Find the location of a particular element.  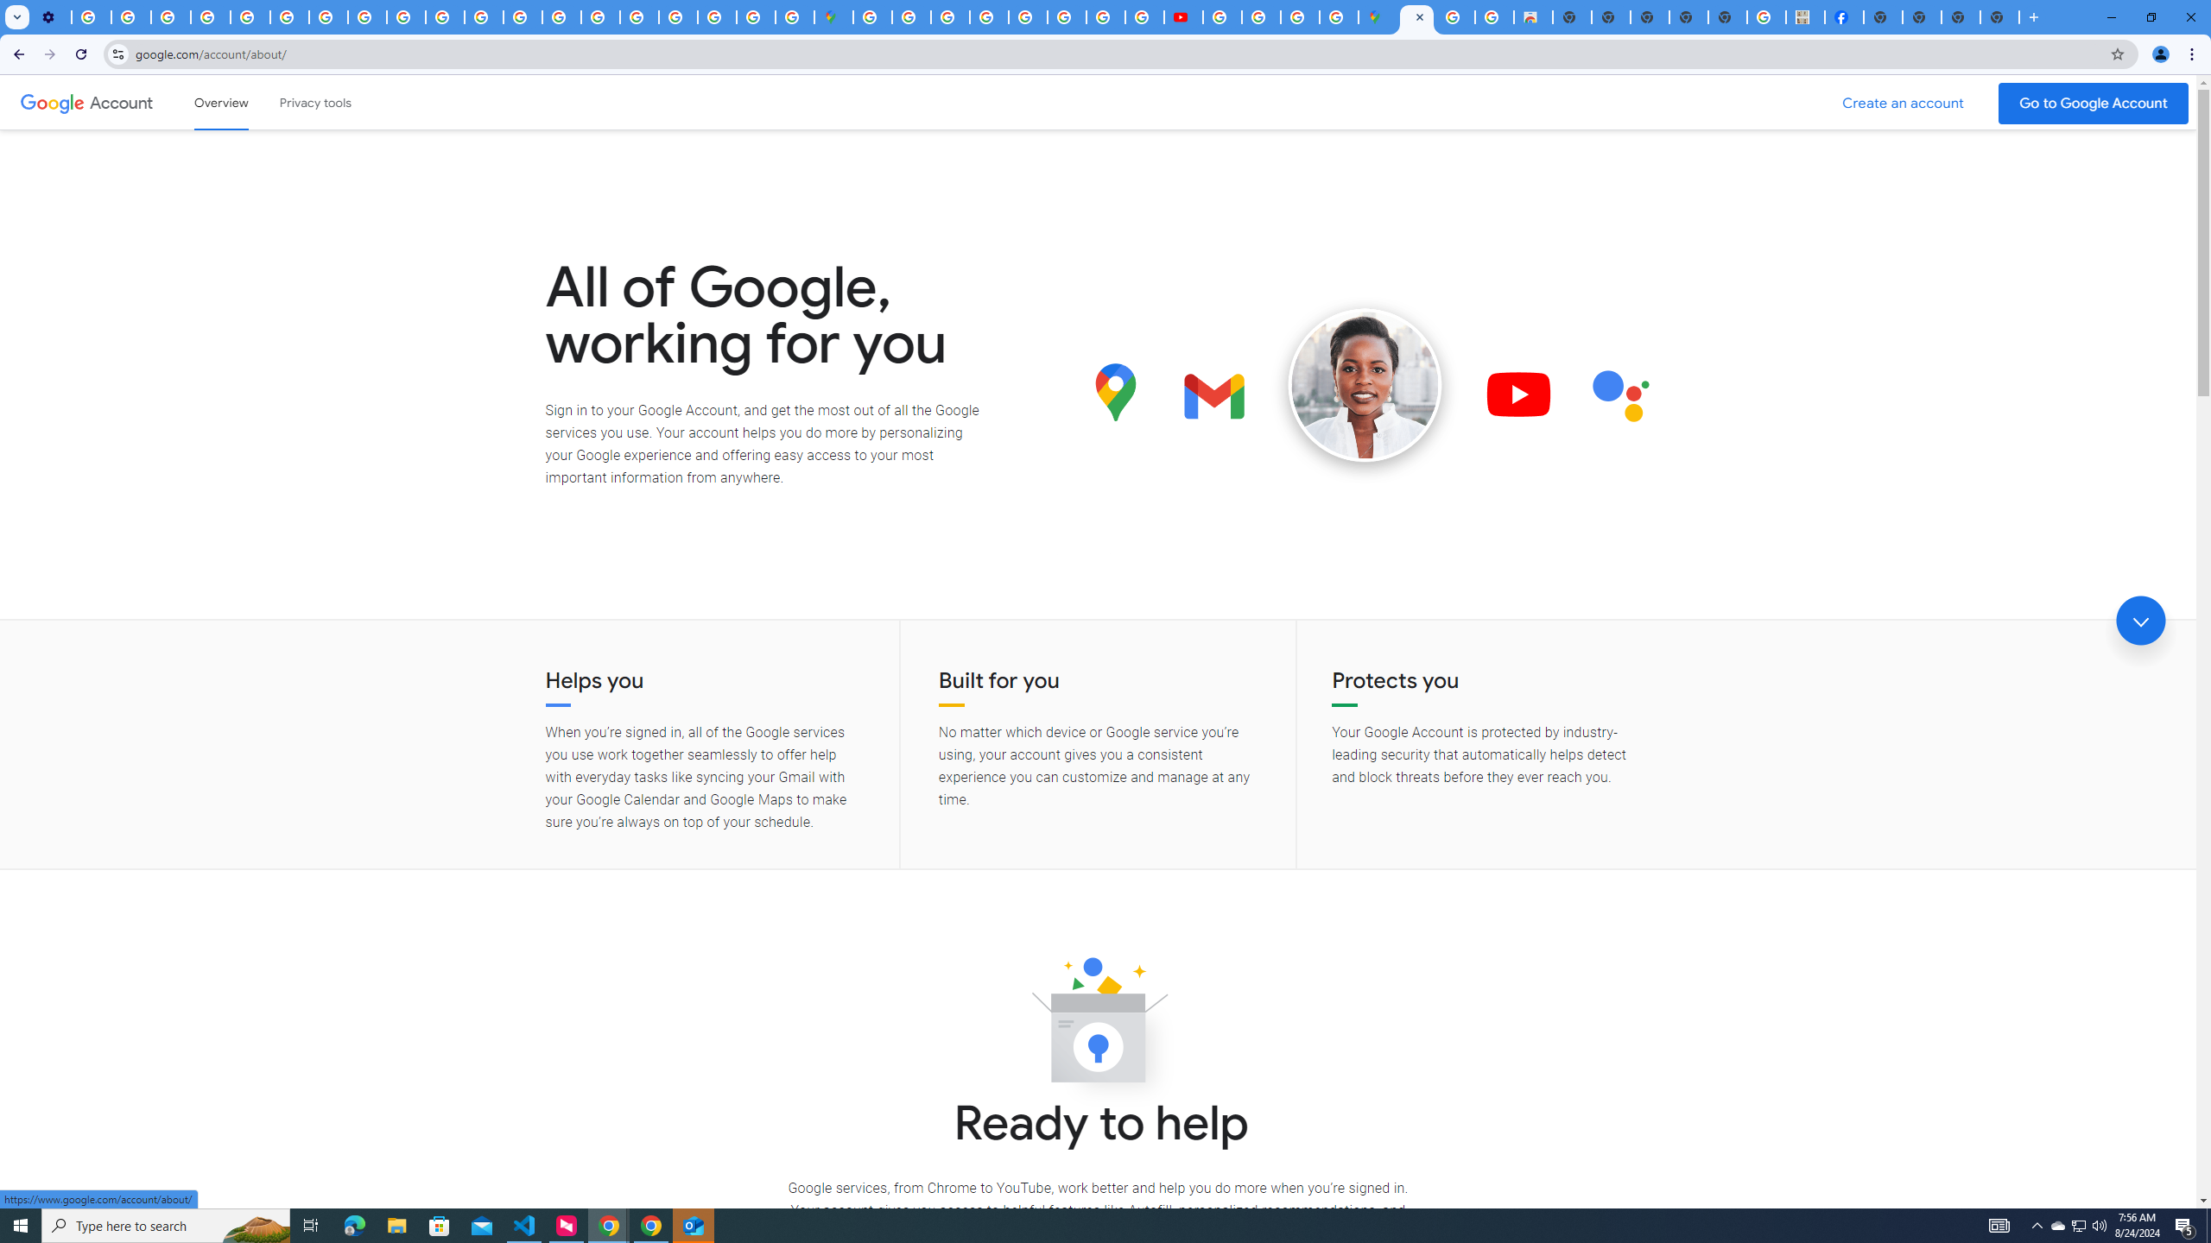

'Miley Cyrus | Facebook' is located at coordinates (1844, 16).